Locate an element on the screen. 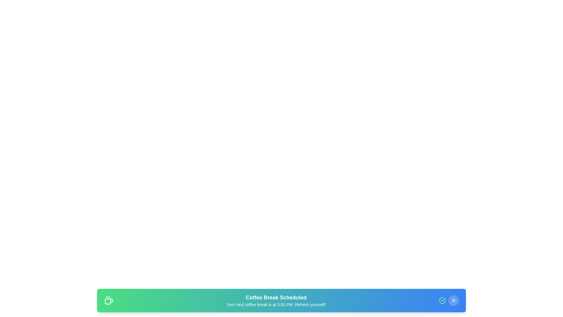 The width and height of the screenshot is (563, 317). the close button to dismiss the snackbar is located at coordinates (453, 300).